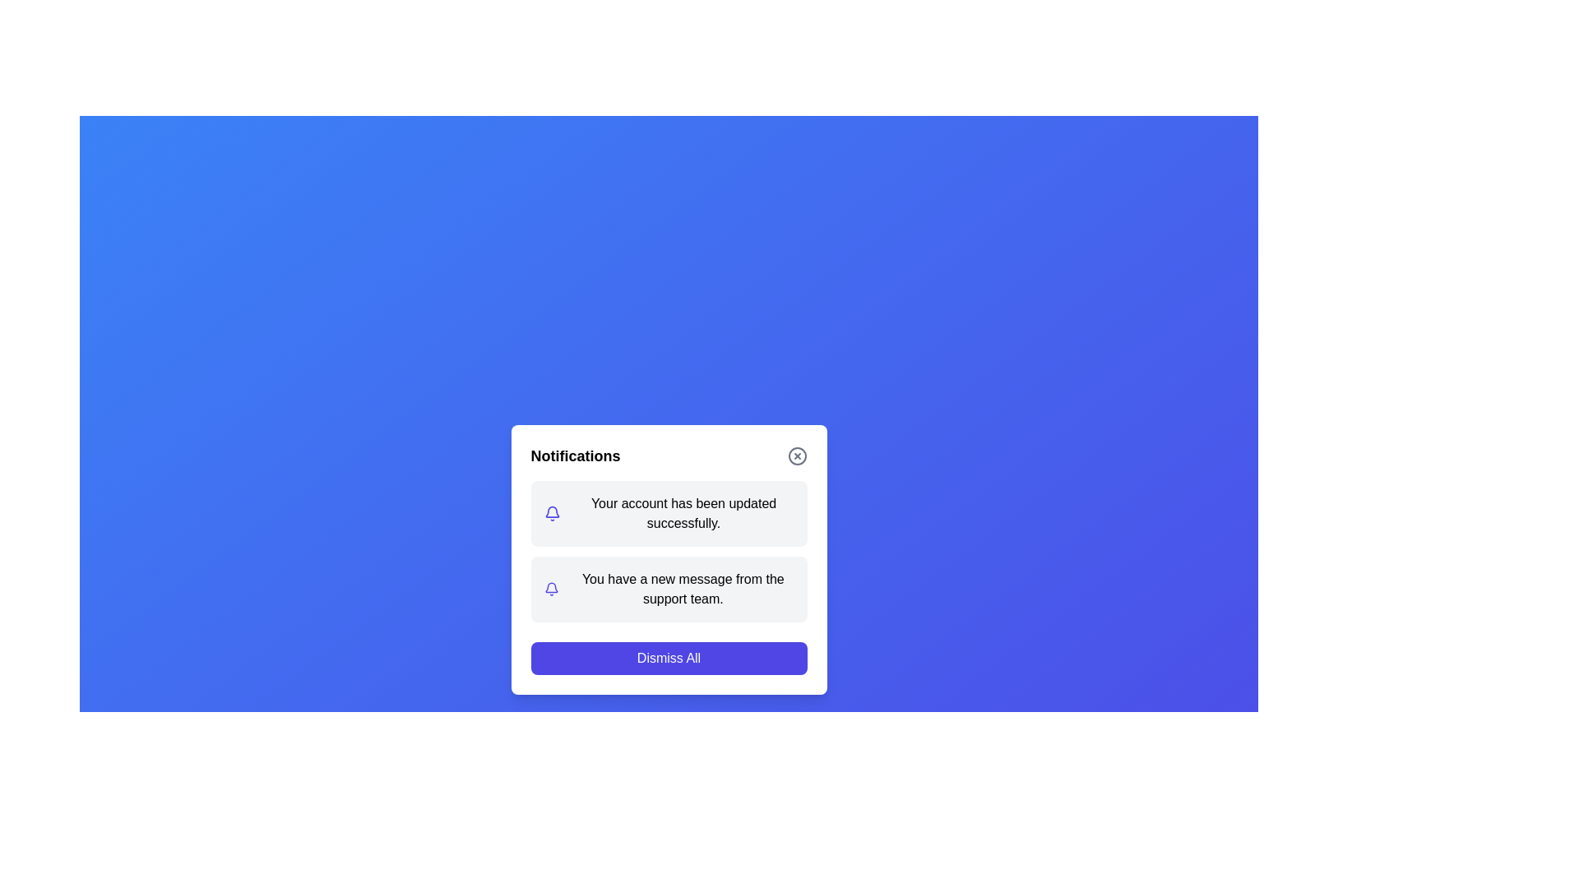 Image resolution: width=1579 pixels, height=888 pixels. Describe the element at coordinates (576, 456) in the screenshot. I see `the text label titled 'Notifications', which is styled as a bold heading within a white popup dialog` at that location.